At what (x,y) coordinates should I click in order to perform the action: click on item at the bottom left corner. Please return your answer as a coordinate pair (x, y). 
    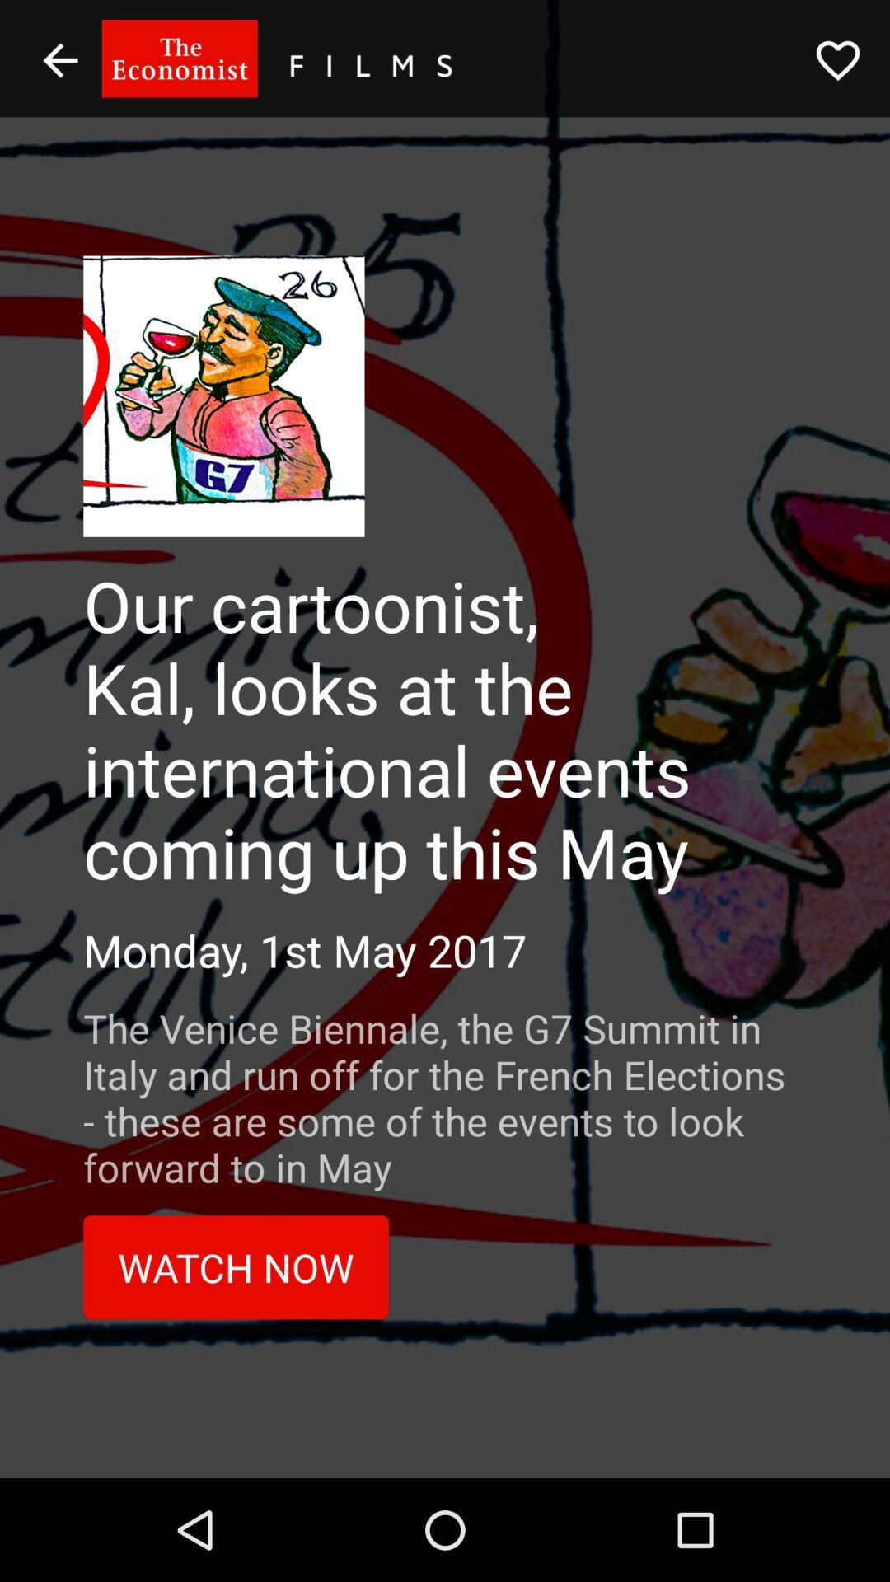
    Looking at the image, I should click on (236, 1266).